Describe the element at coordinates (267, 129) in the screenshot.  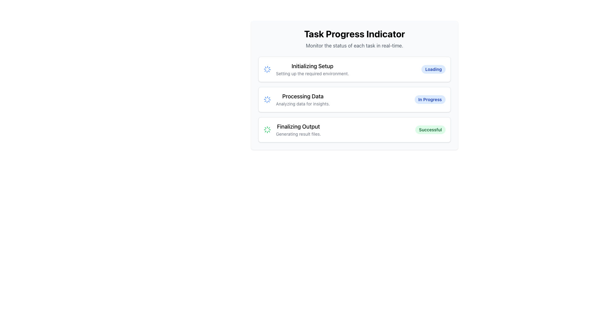
I see `the circular green icon with a dynamic spinner-like design, located at the beginning of the 'Finalizing Output' section to the left of the text` at that location.